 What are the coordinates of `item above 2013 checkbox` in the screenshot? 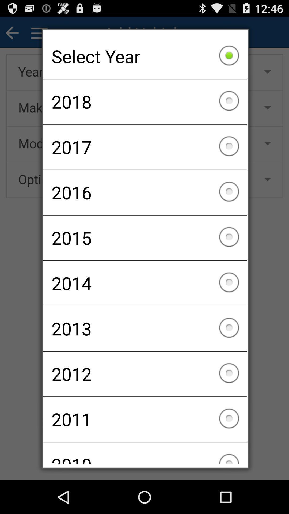 It's located at (145, 283).